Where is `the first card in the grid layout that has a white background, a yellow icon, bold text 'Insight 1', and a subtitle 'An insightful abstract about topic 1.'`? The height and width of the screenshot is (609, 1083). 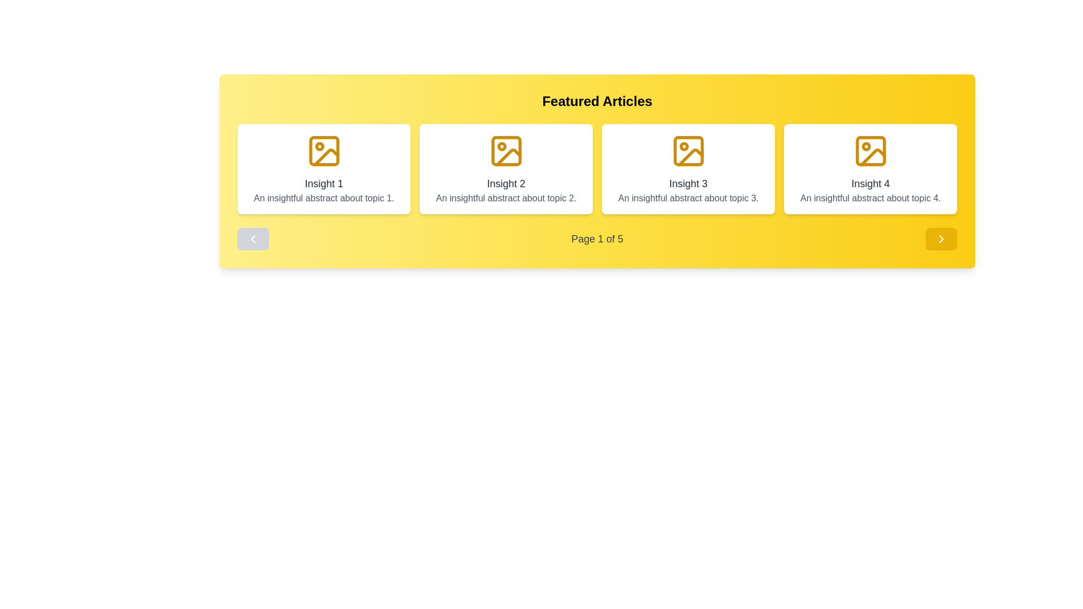
the first card in the grid layout that has a white background, a yellow icon, bold text 'Insight 1', and a subtitle 'An insightful abstract about topic 1.' is located at coordinates (323, 169).